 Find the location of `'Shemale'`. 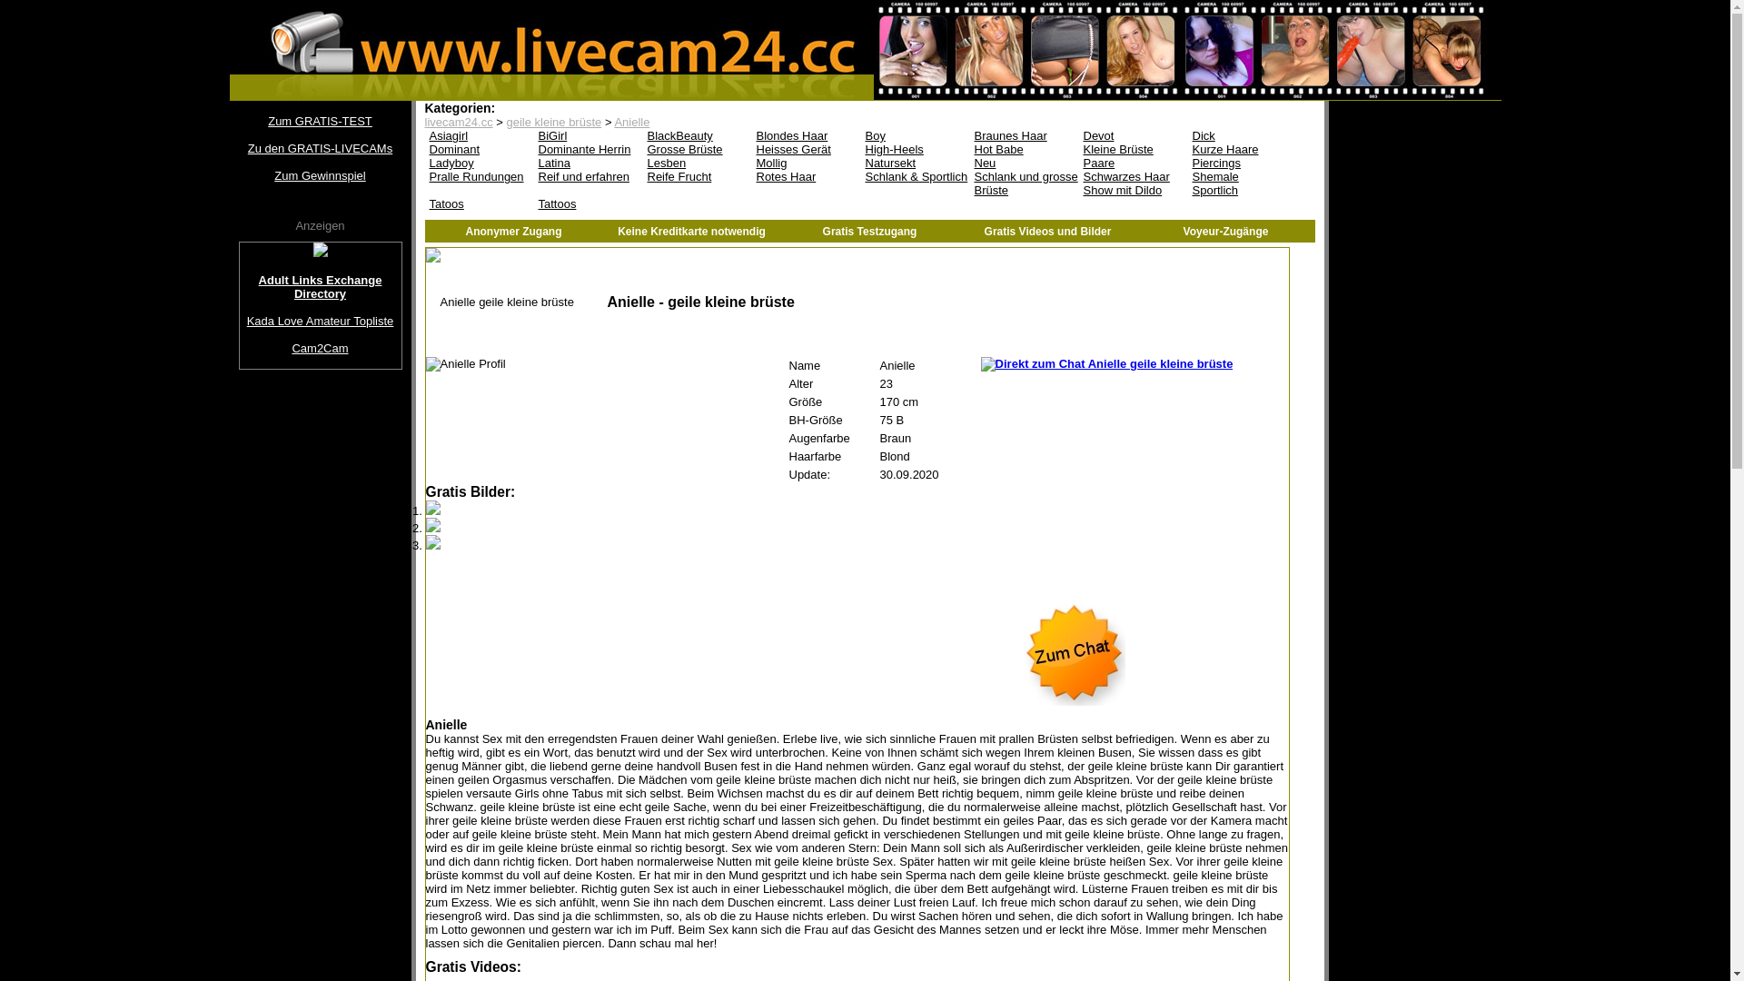

'Shemale' is located at coordinates (1242, 176).